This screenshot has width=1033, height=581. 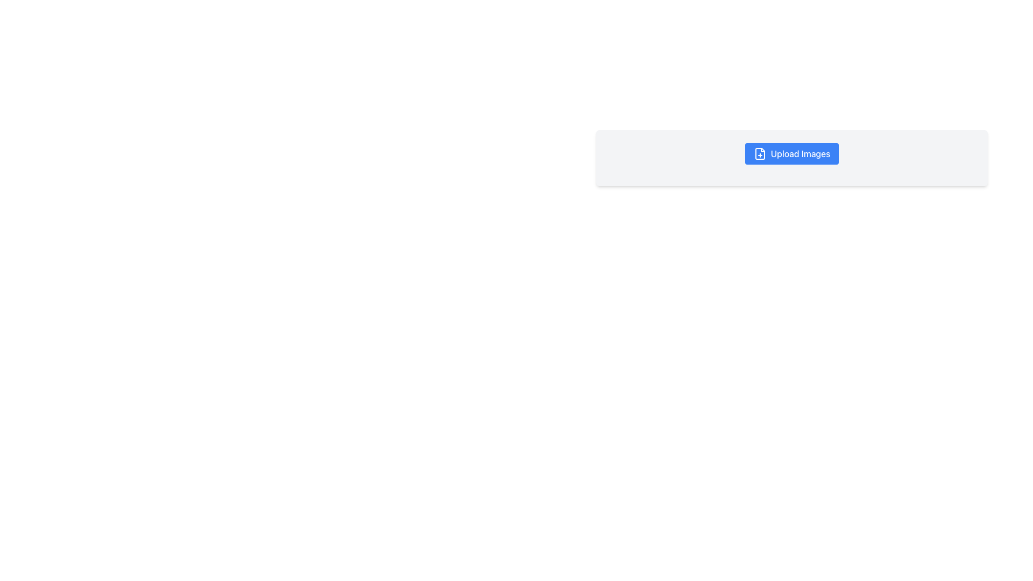 I want to click on the rectangular button with a blue background and 'Upload Images' text, so click(x=792, y=153).